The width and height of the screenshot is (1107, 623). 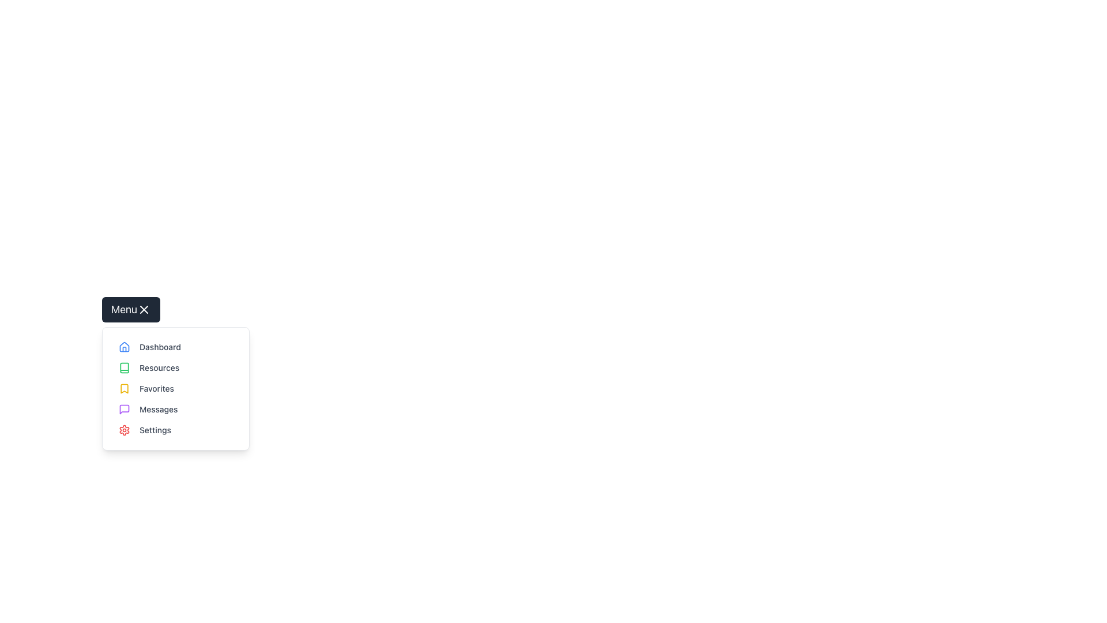 I want to click on the close button located to the right of the word 'Menu' in the dropdown menu header, so click(x=144, y=309).